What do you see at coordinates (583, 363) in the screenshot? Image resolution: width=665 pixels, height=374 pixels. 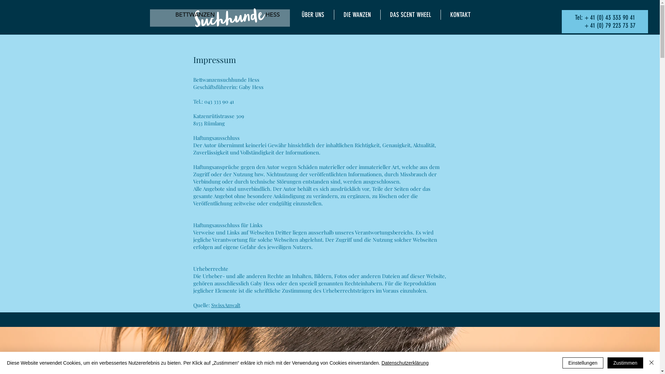 I see `'Einstellungen'` at bounding box center [583, 363].